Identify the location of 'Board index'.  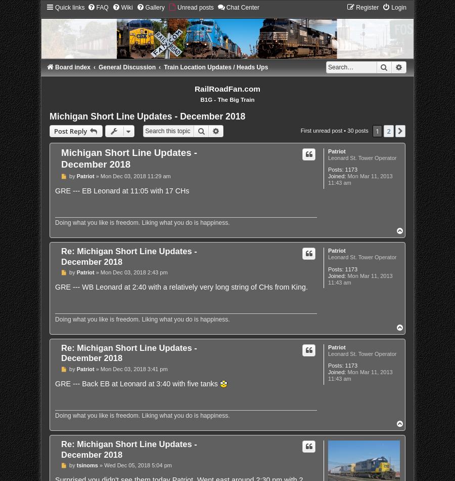
(72, 67).